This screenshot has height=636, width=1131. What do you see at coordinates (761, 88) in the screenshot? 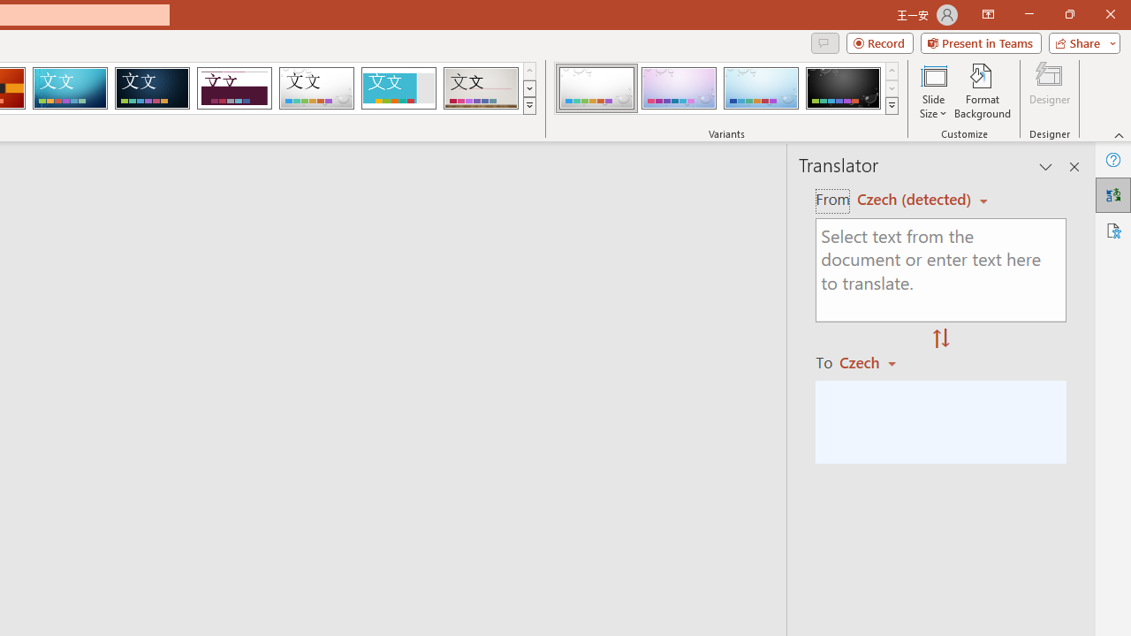
I see `'Droplet Variant 3'` at bounding box center [761, 88].